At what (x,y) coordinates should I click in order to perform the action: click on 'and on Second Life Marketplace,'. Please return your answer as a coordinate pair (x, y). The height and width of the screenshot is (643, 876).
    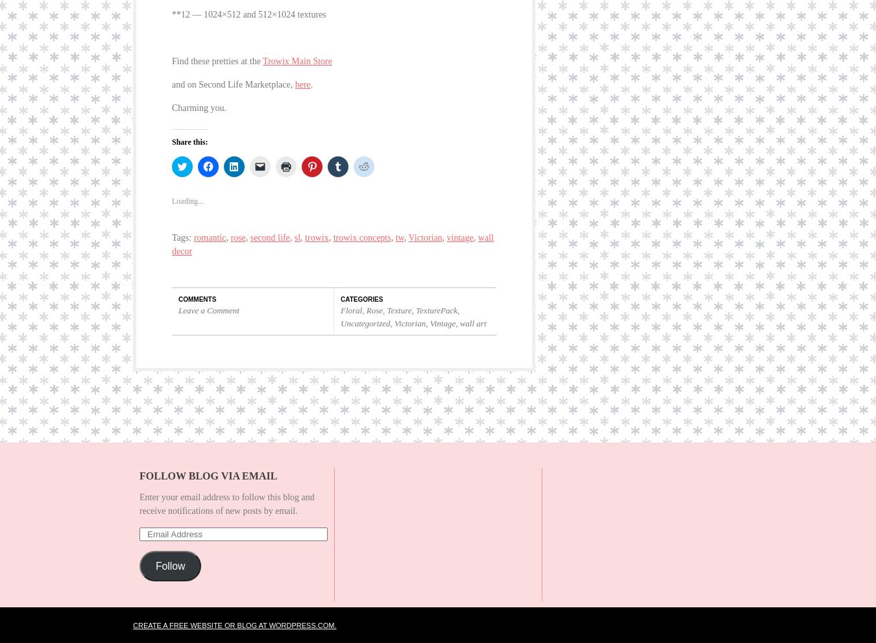
    Looking at the image, I should click on (233, 74).